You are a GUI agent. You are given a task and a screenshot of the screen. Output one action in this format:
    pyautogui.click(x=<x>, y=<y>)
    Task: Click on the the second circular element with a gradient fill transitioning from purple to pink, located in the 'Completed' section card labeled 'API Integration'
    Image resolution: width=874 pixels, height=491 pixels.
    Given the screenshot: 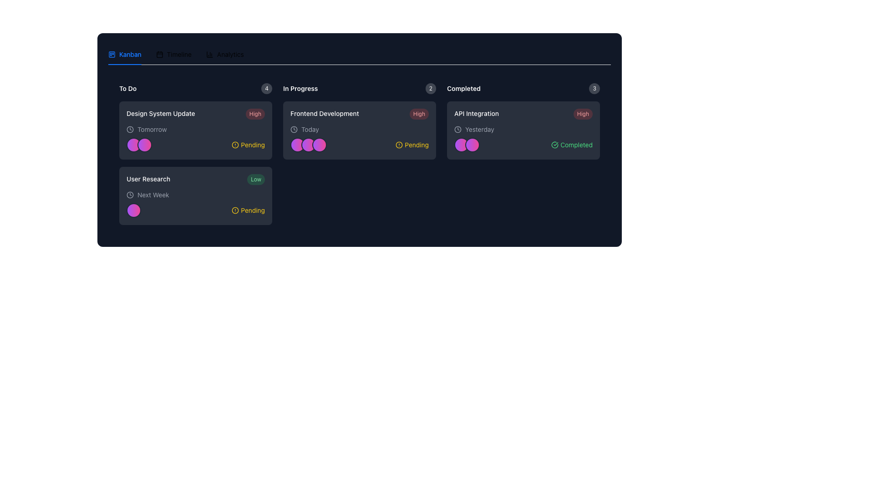 What is the action you would take?
    pyautogui.click(x=472, y=145)
    